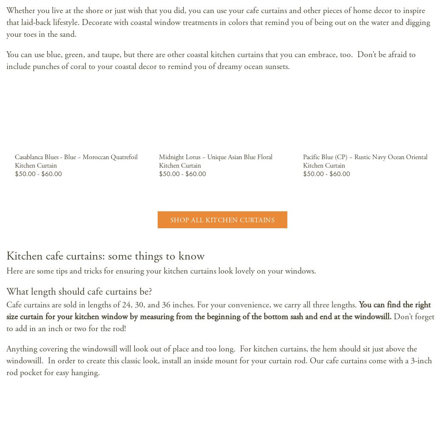 This screenshot has height=448, width=445. I want to click on 'Whether you live at the shore or just wish that you did, you can use your cafe curtains and other pieces of home decor to inspire that laid-back lifestyle. Decorate with coastal window treatments in colors that remind you of being out on the water and digging your toes in the sand.', so click(218, 22).